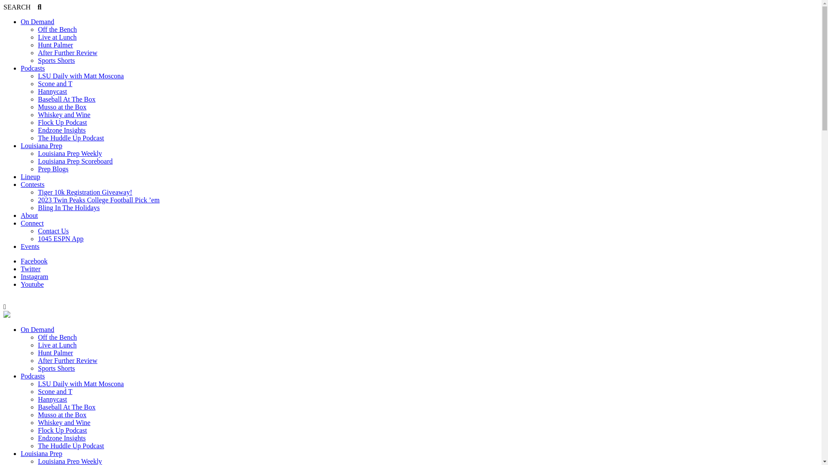  What do you see at coordinates (66, 407) in the screenshot?
I see `'Baseball At The Box'` at bounding box center [66, 407].